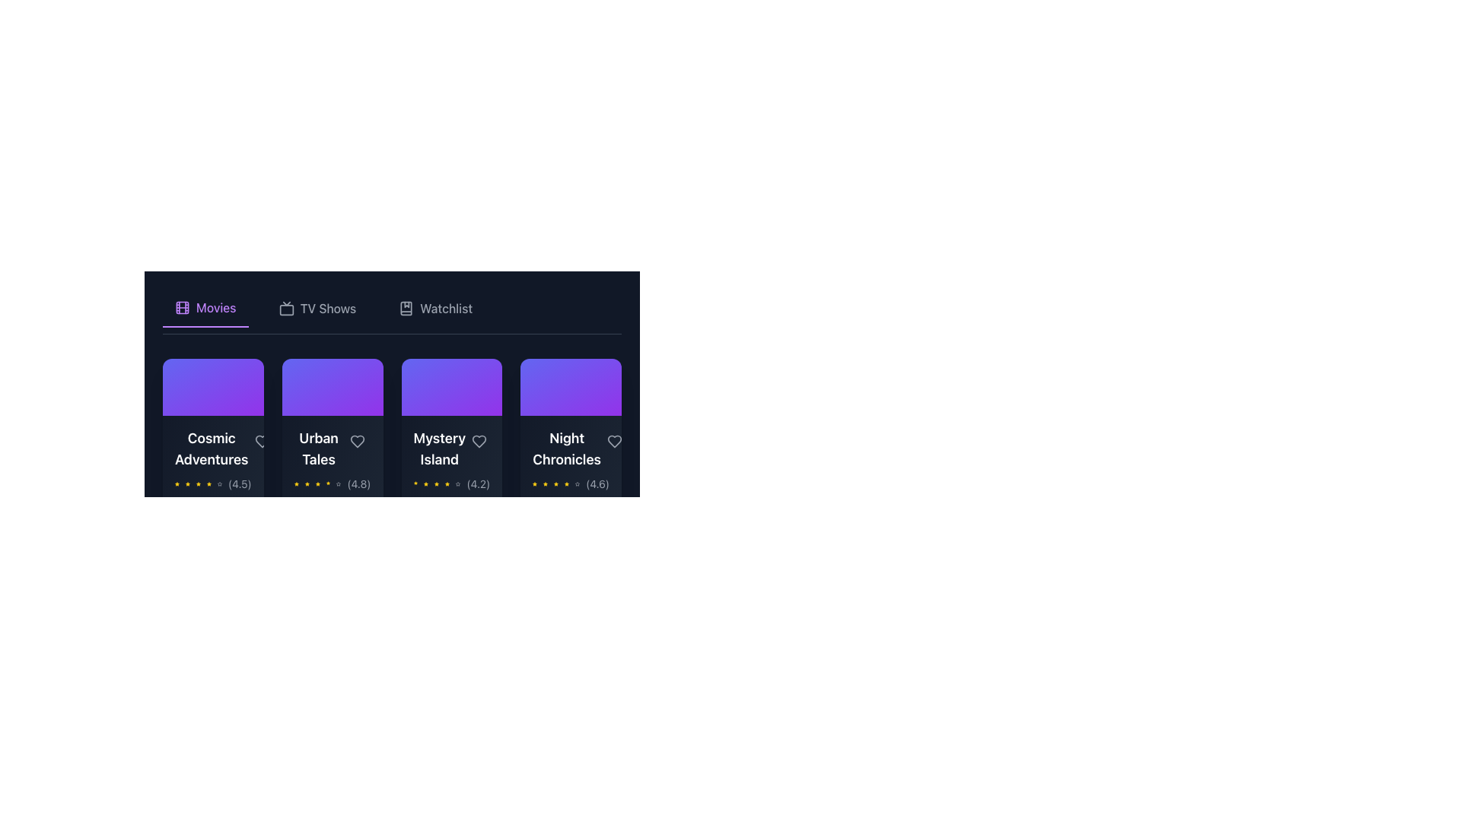 The height and width of the screenshot is (821, 1461). Describe the element at coordinates (262, 441) in the screenshot. I see `the circular gray button with a heart icon located to the top-right of the 'Cosmic Adventures' text` at that location.